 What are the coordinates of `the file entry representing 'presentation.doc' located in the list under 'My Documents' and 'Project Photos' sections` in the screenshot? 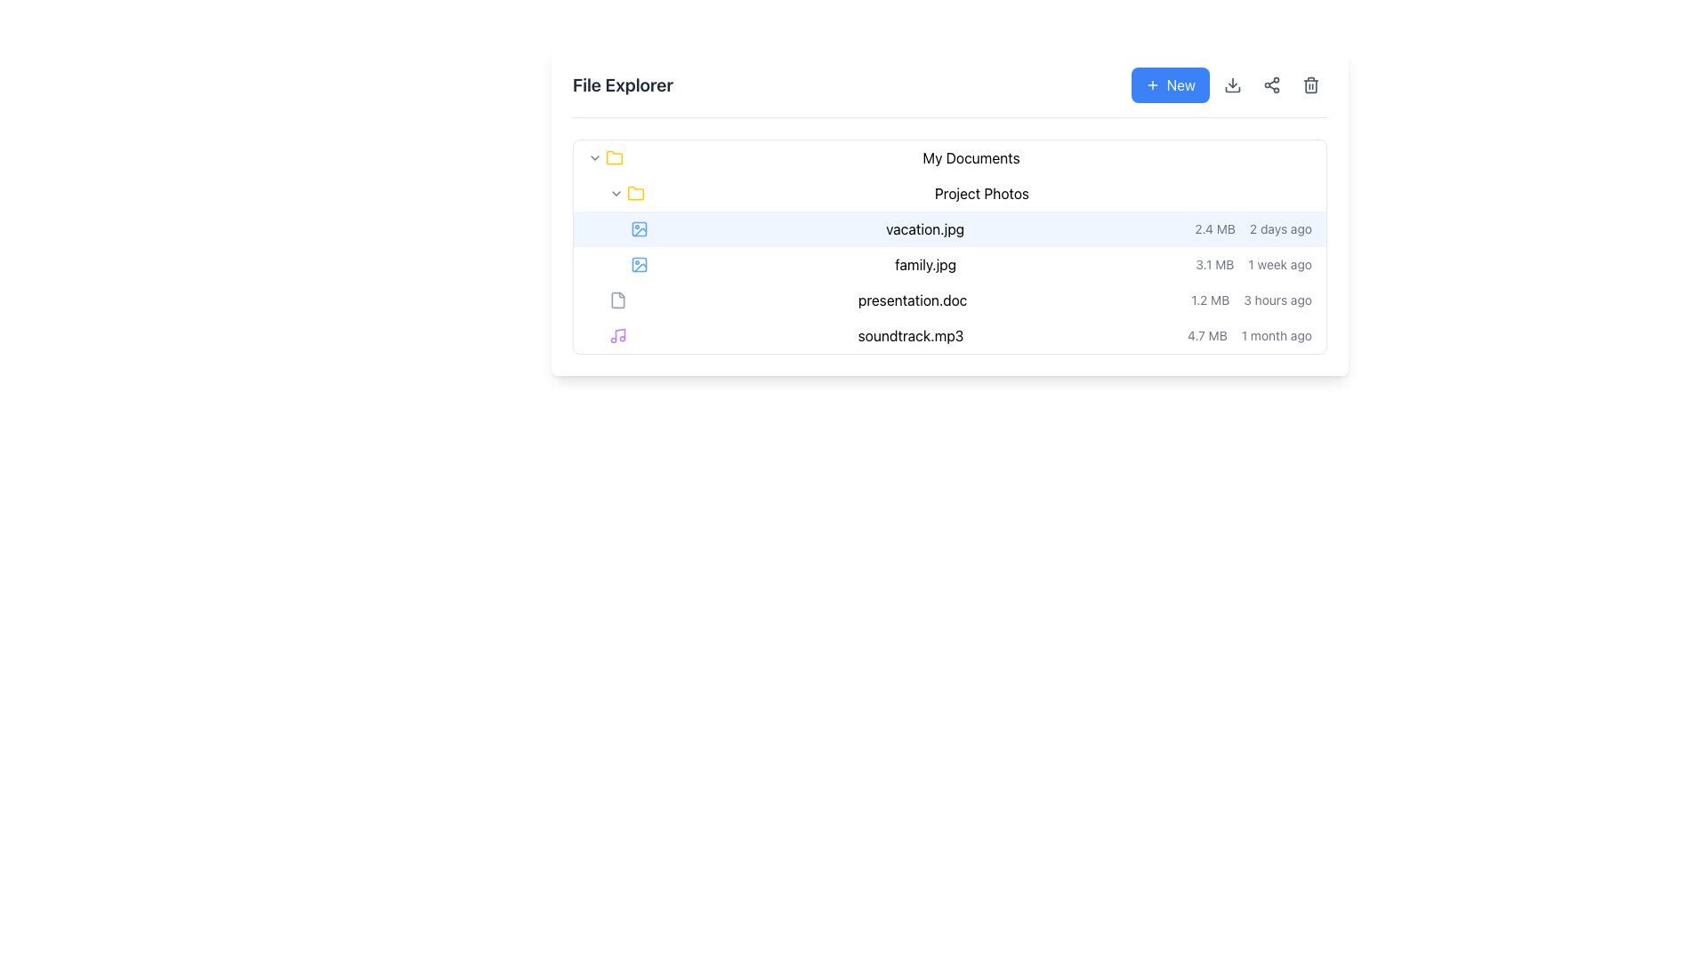 It's located at (949, 300).